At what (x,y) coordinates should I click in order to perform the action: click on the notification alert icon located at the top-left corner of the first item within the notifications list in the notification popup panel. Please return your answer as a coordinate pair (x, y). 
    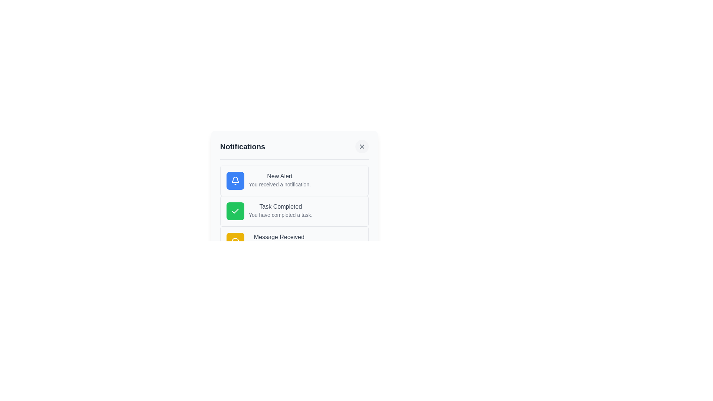
    Looking at the image, I should click on (235, 180).